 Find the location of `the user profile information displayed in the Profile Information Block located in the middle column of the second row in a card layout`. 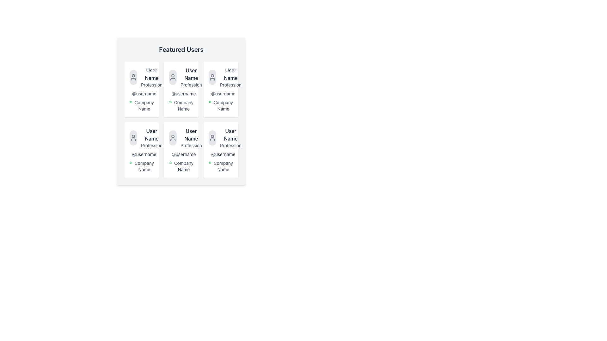

the user profile information displayed in the Profile Information Block located in the middle column of the second row in a card layout is located at coordinates (181, 137).